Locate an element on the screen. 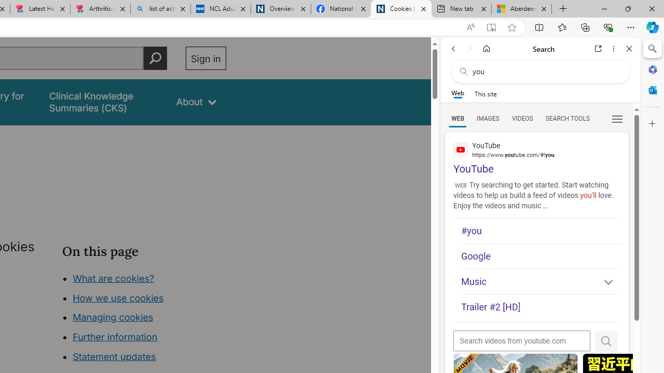 Image resolution: width=664 pixels, height=373 pixels. 'Managing cookies' is located at coordinates (113, 317).